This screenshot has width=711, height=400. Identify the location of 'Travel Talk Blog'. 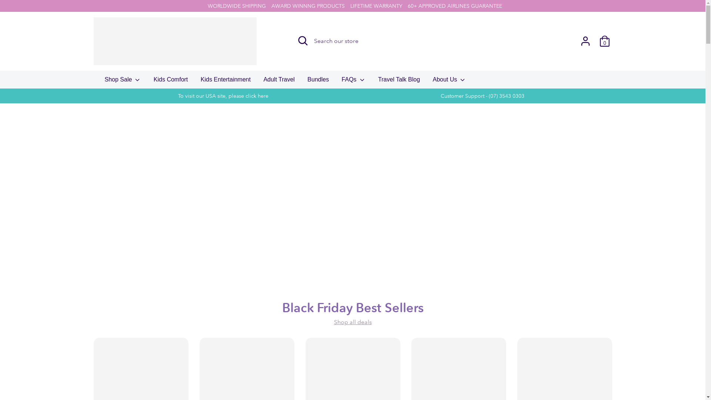
(398, 81).